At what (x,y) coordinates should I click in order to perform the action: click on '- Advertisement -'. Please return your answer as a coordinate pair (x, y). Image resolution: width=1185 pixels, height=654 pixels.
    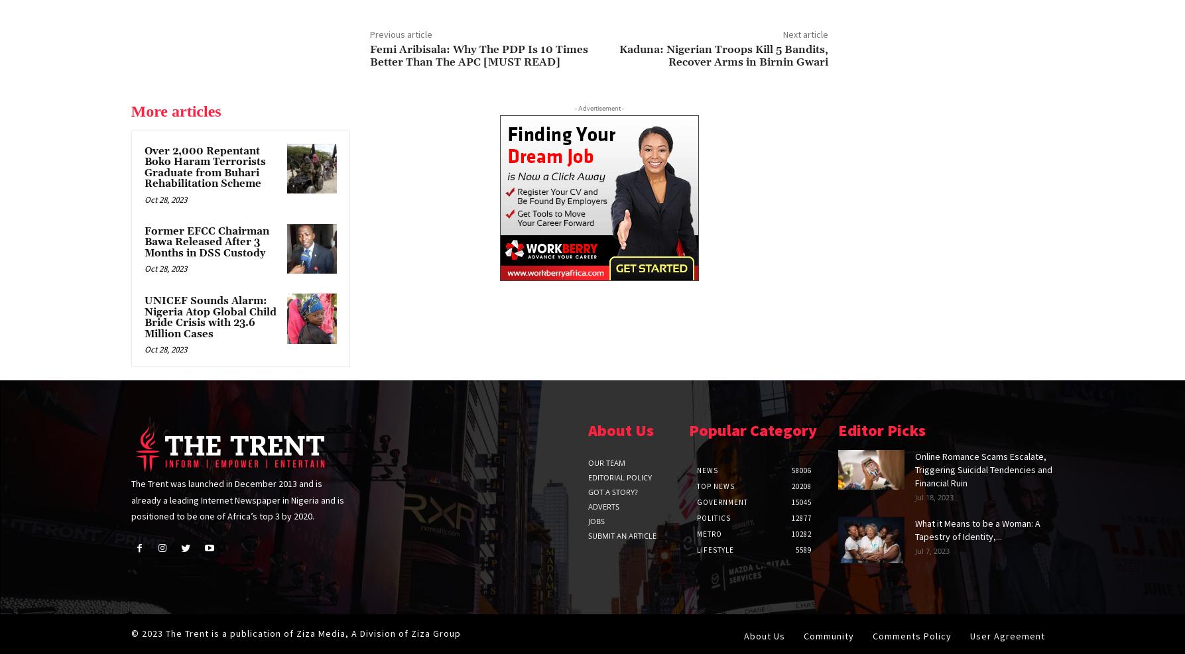
    Looking at the image, I should click on (574, 107).